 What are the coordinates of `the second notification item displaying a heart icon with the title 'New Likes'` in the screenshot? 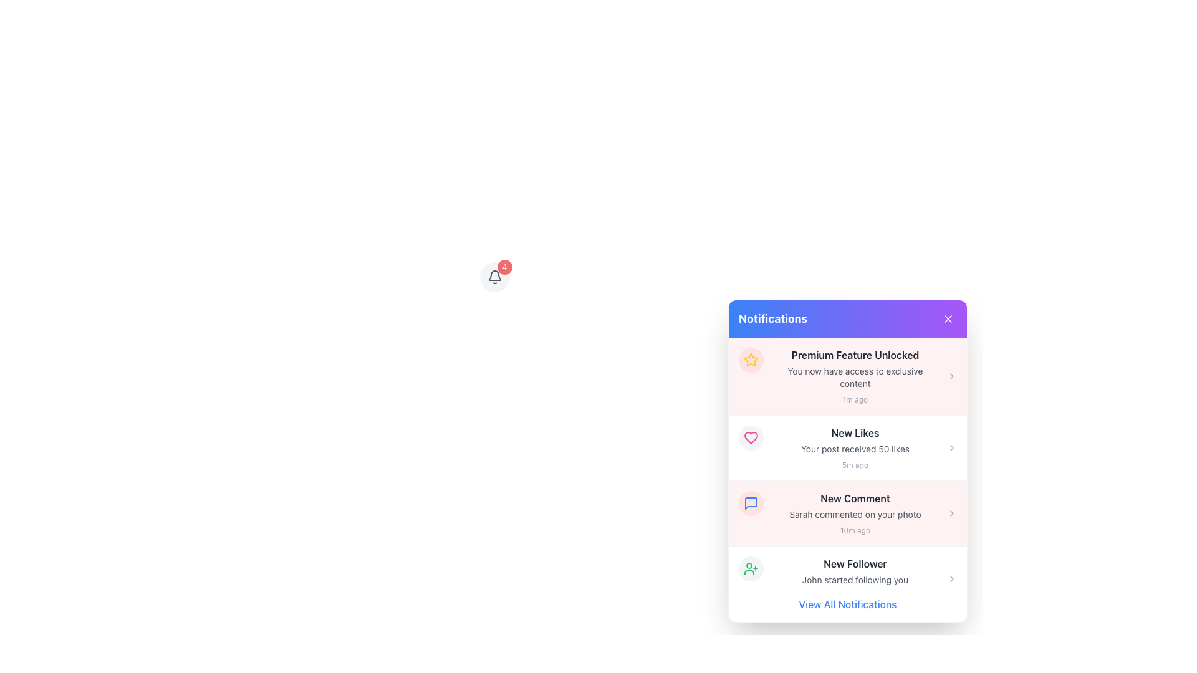 It's located at (847, 447).